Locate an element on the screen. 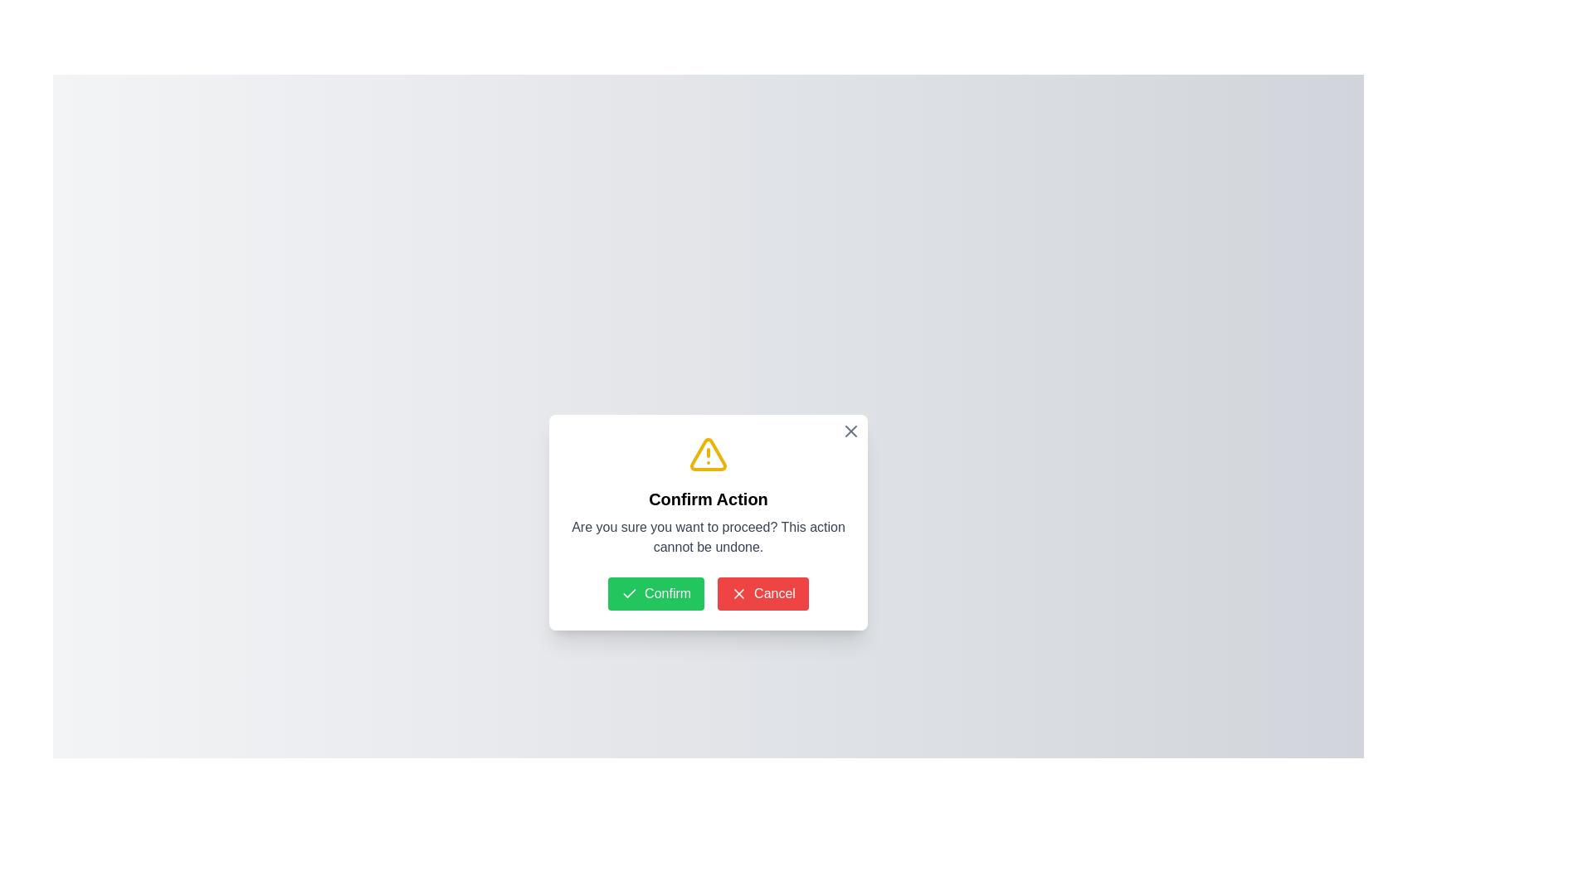  the header text label displaying 'Confirm Action' which is centrally positioned below the alert icon in the dialog box is located at coordinates (709, 498).